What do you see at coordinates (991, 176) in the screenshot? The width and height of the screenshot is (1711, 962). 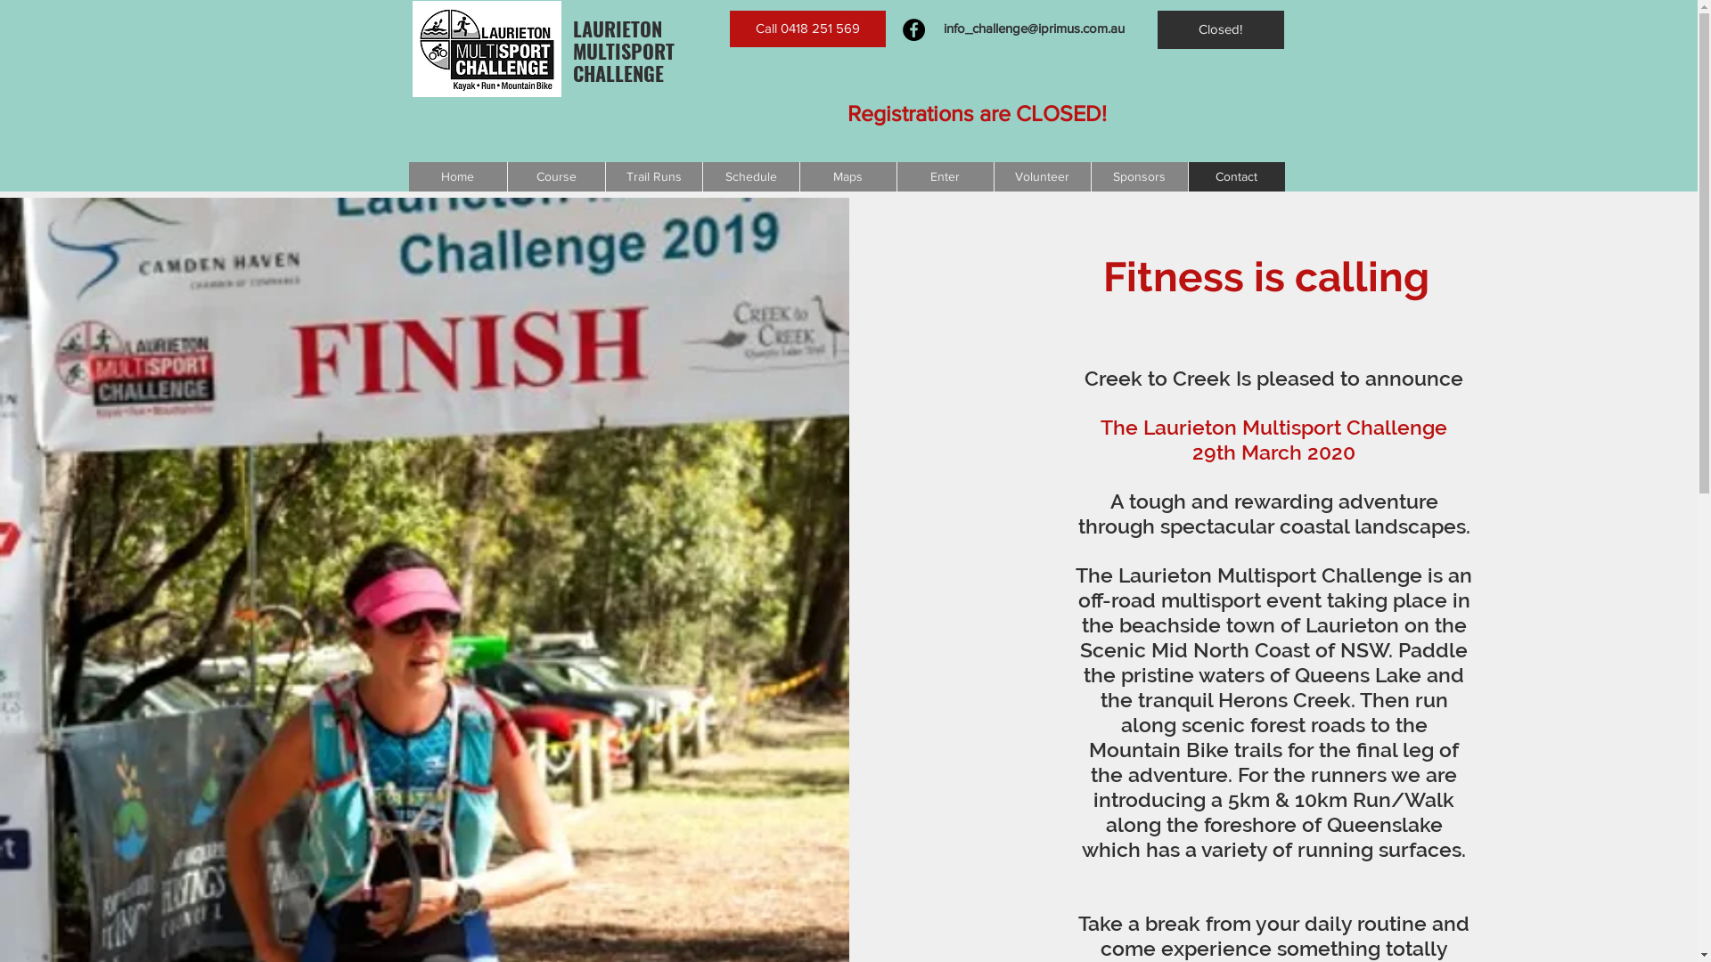 I see `'Volunteer'` at bounding box center [991, 176].